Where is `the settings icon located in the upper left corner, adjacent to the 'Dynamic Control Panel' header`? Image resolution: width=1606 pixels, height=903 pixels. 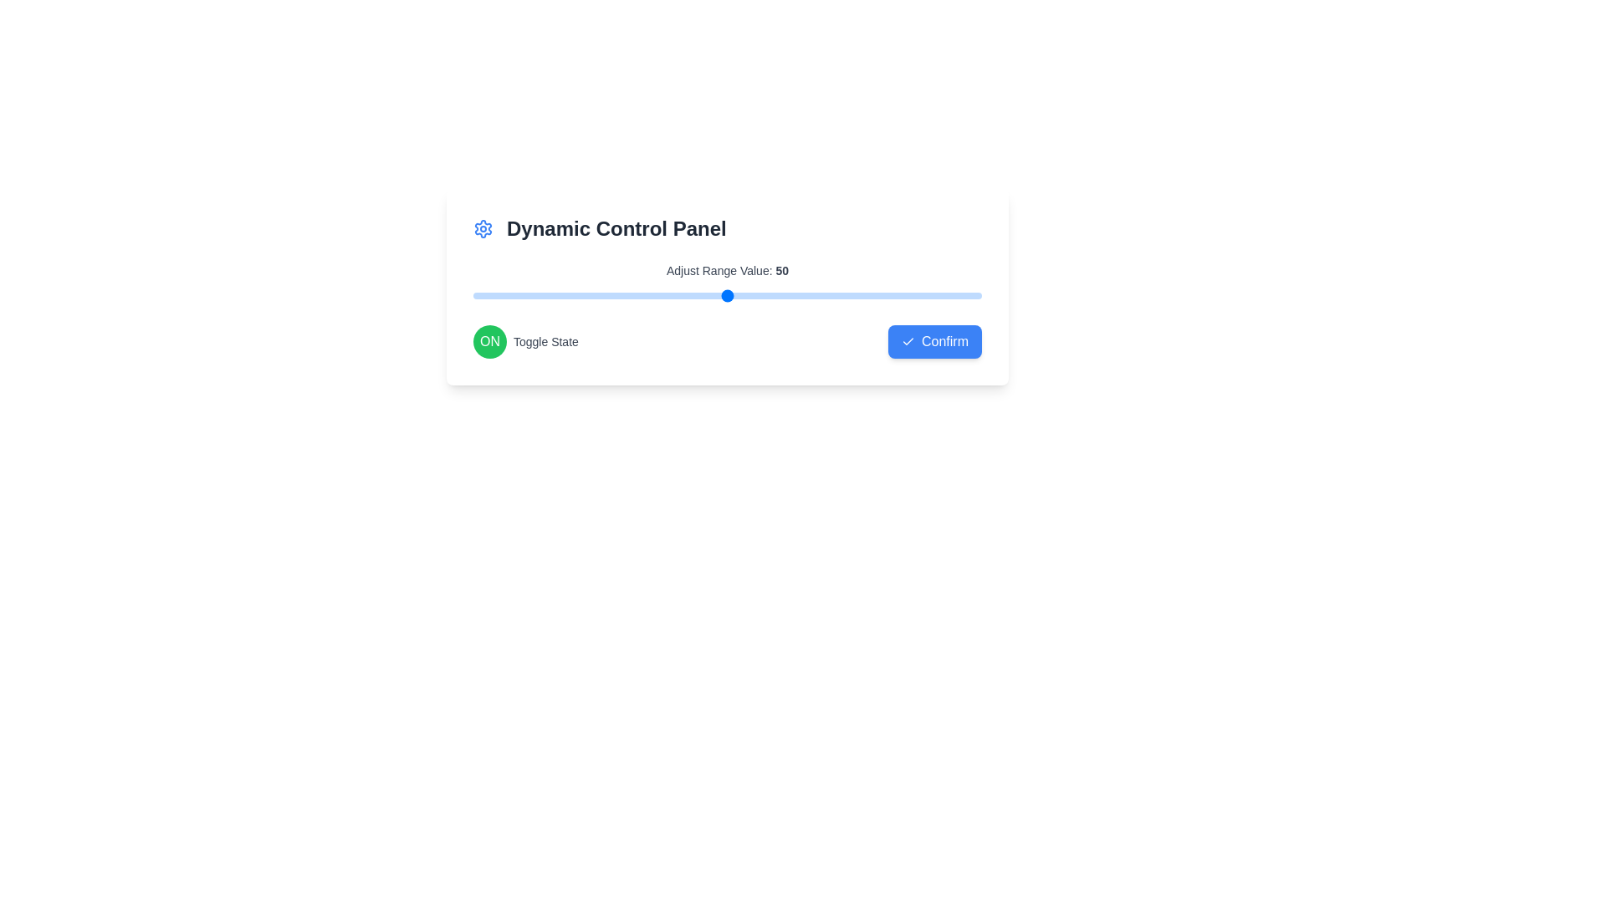
the settings icon located in the upper left corner, adjacent to the 'Dynamic Control Panel' header is located at coordinates (482, 228).